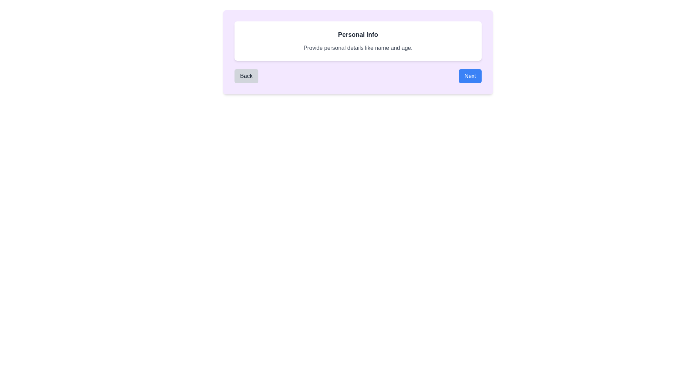 This screenshot has width=674, height=379. What do you see at coordinates (246, 76) in the screenshot?
I see `the 'Back' button to navigate to the previous page` at bounding box center [246, 76].